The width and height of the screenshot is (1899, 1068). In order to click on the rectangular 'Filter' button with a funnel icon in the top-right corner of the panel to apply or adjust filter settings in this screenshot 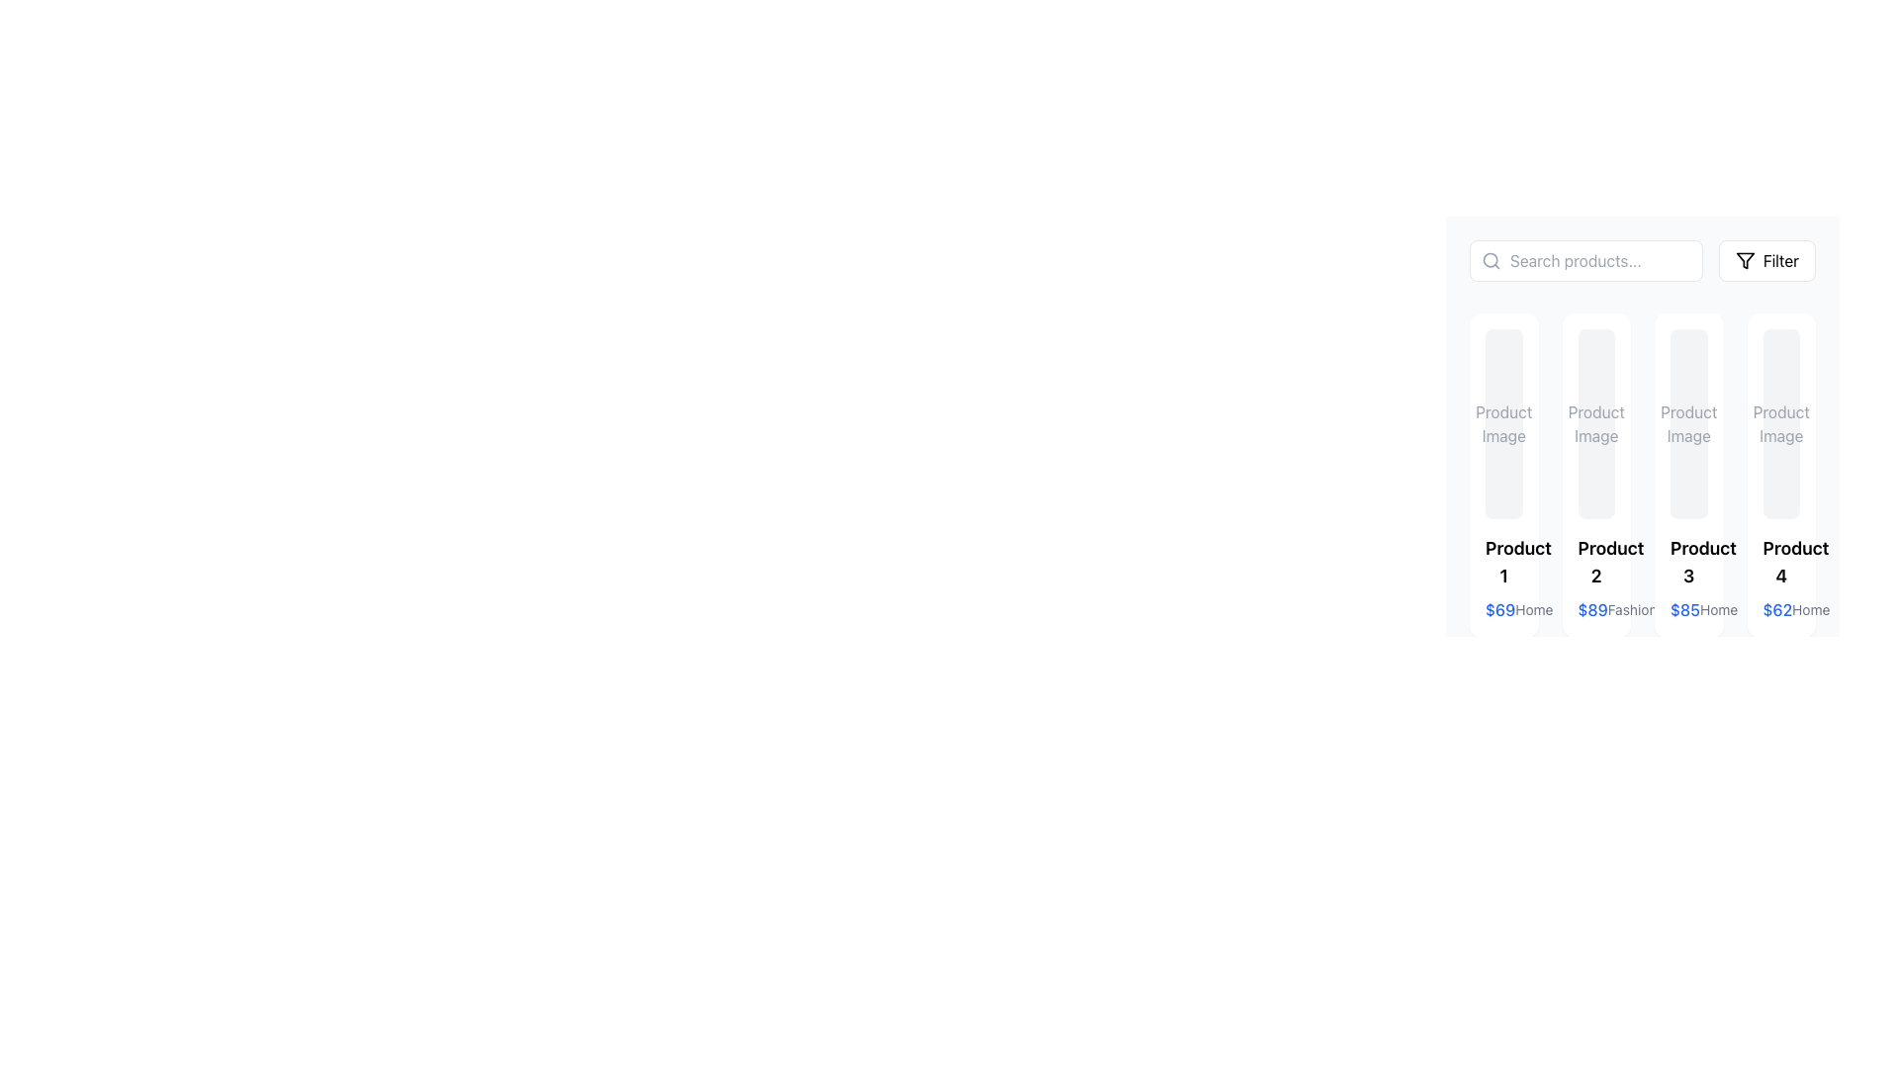, I will do `click(1766, 259)`.